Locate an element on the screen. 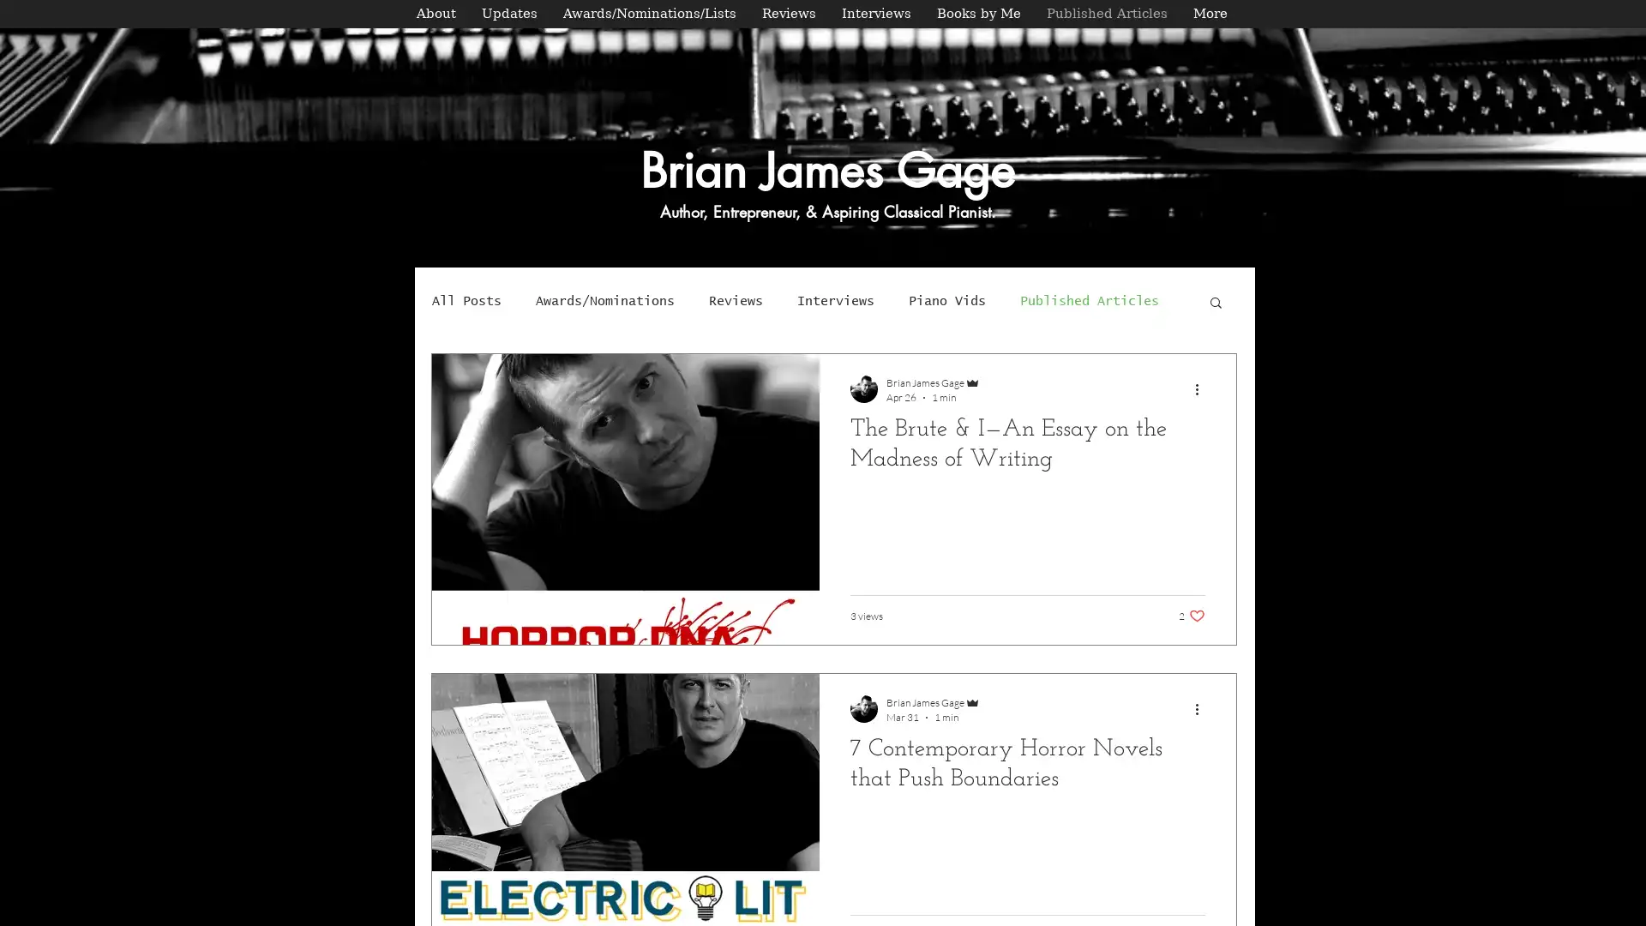 The height and width of the screenshot is (926, 1646). Awards/Nominations is located at coordinates (604, 300).